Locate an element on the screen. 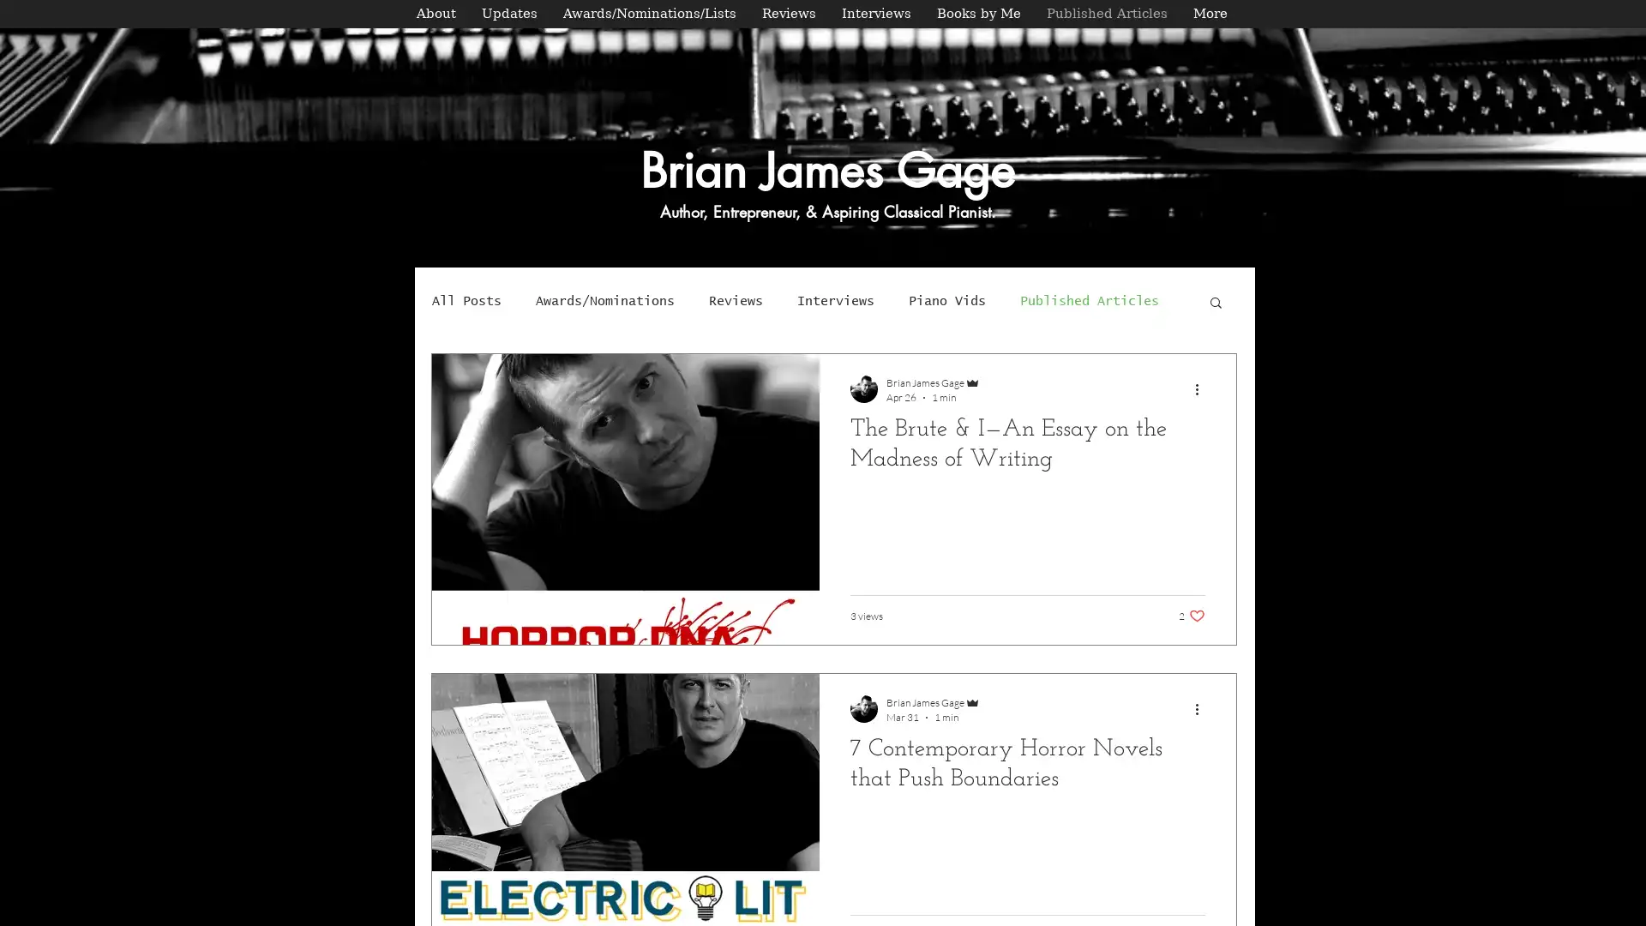 The height and width of the screenshot is (926, 1646). Awards/Nominations is located at coordinates (604, 300).